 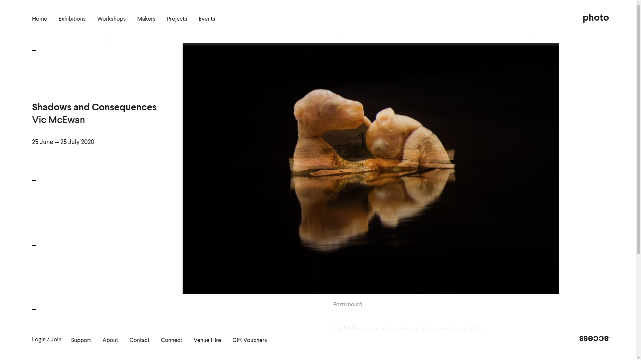 I want to click on 'Support', so click(x=71, y=340).